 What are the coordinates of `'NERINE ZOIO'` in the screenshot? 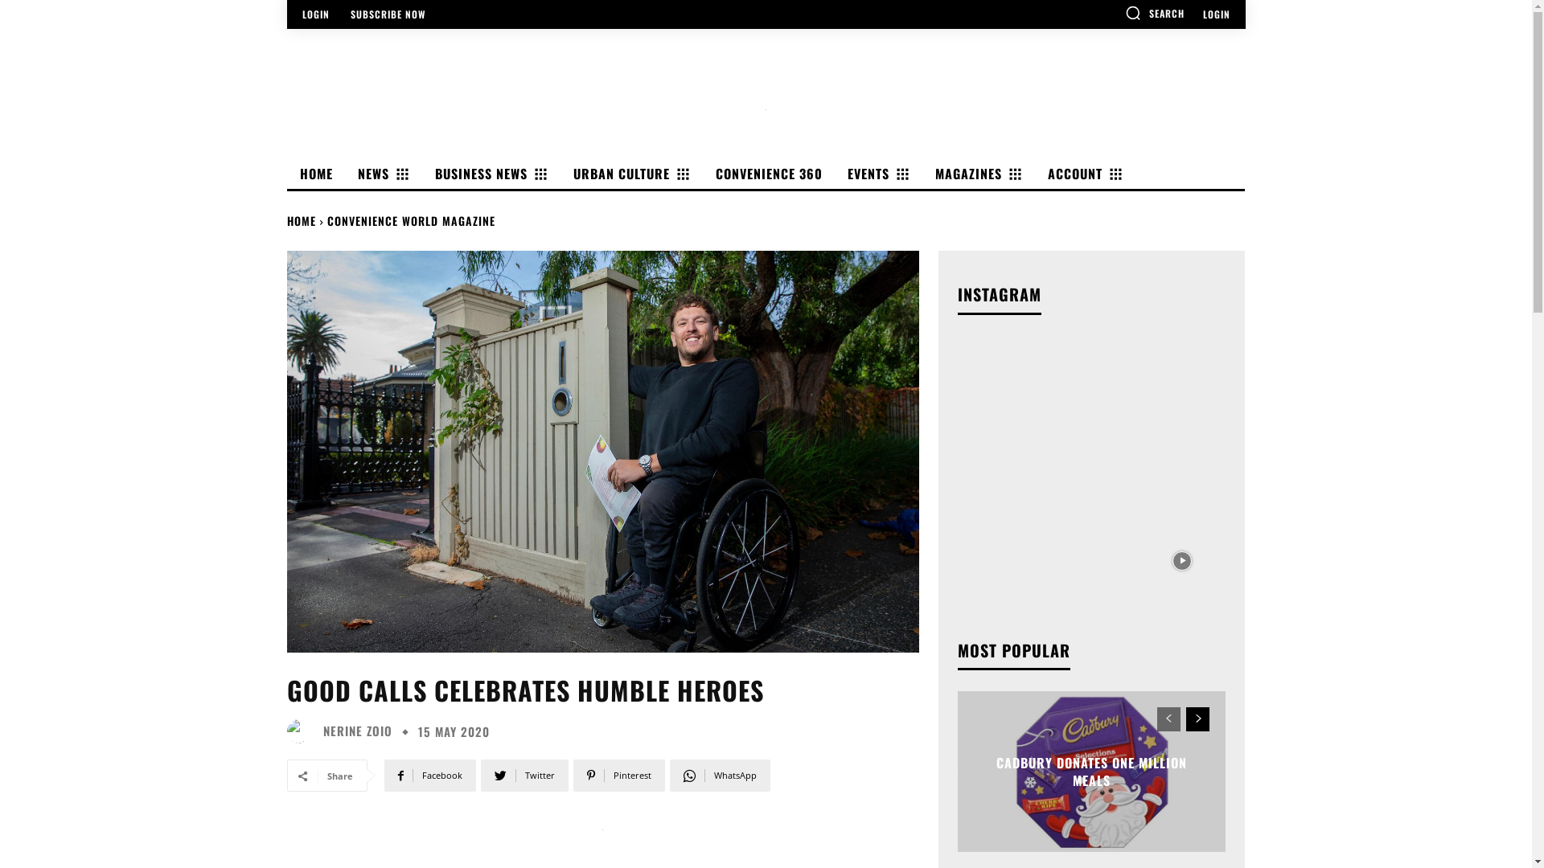 It's located at (357, 731).